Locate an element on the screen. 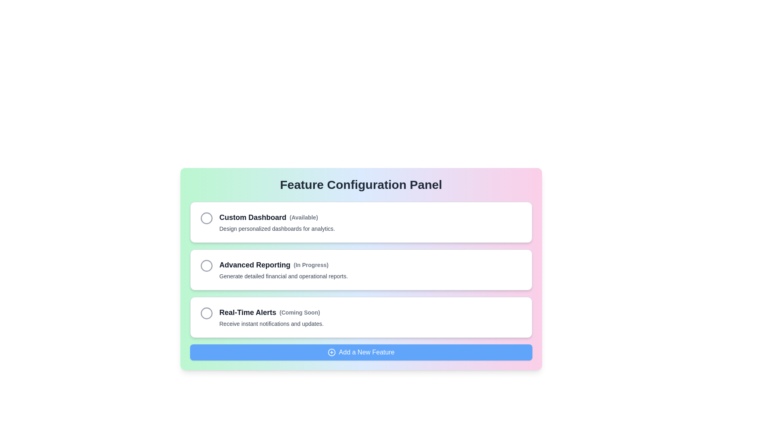 The image size is (775, 435). the text block titled 'Real-Time Alerts' located in the third feature card, which includes the description '(Coming Soon)' and 'Receive instant notifications and updates.' is located at coordinates (271, 317).